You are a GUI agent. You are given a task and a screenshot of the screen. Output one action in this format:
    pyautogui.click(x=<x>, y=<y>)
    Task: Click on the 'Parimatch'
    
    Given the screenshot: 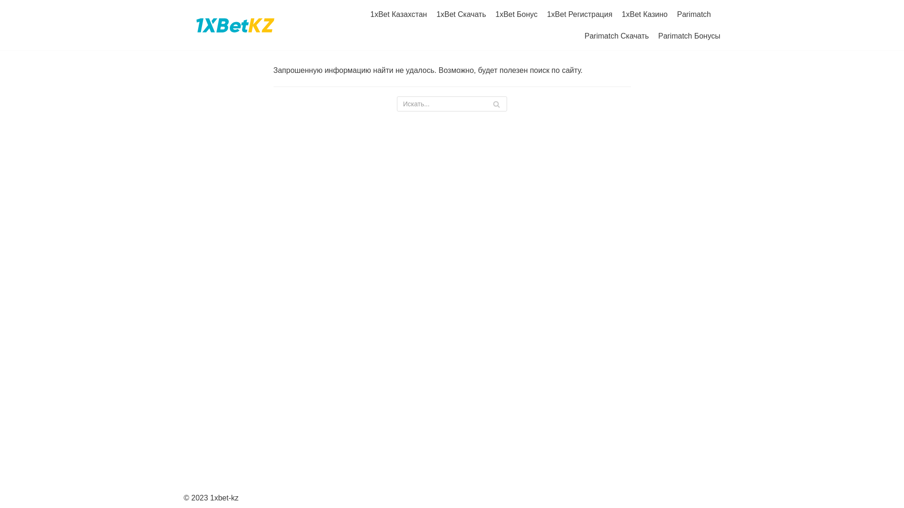 What is the action you would take?
    pyautogui.click(x=694, y=14)
    